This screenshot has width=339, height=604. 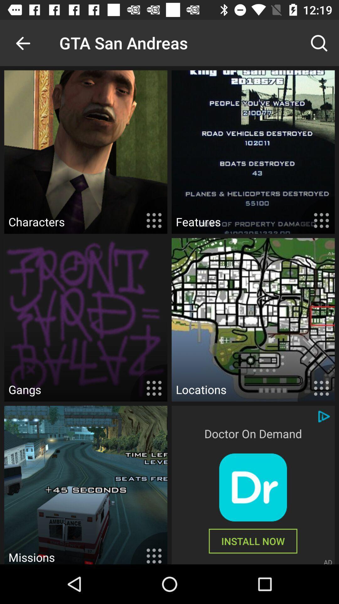 I want to click on the item to the right of gta san andreas icon, so click(x=319, y=42).